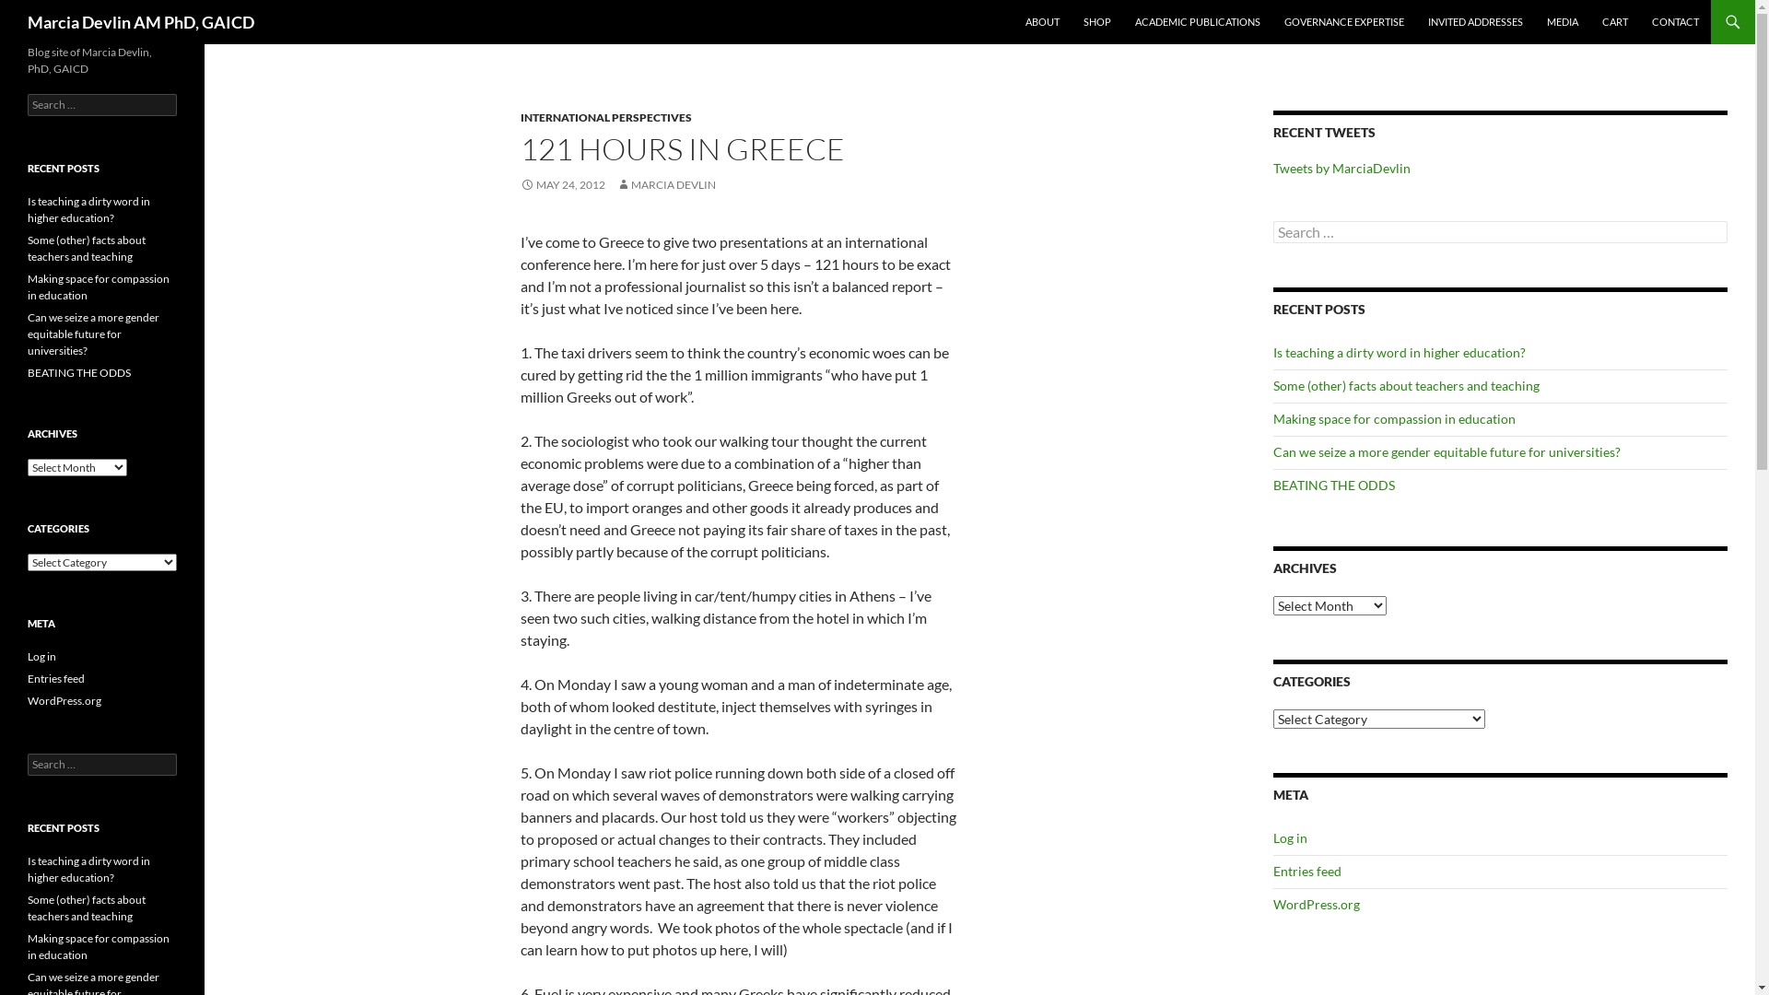 The width and height of the screenshot is (1769, 995). What do you see at coordinates (1096, 21) in the screenshot?
I see `'SHOP'` at bounding box center [1096, 21].